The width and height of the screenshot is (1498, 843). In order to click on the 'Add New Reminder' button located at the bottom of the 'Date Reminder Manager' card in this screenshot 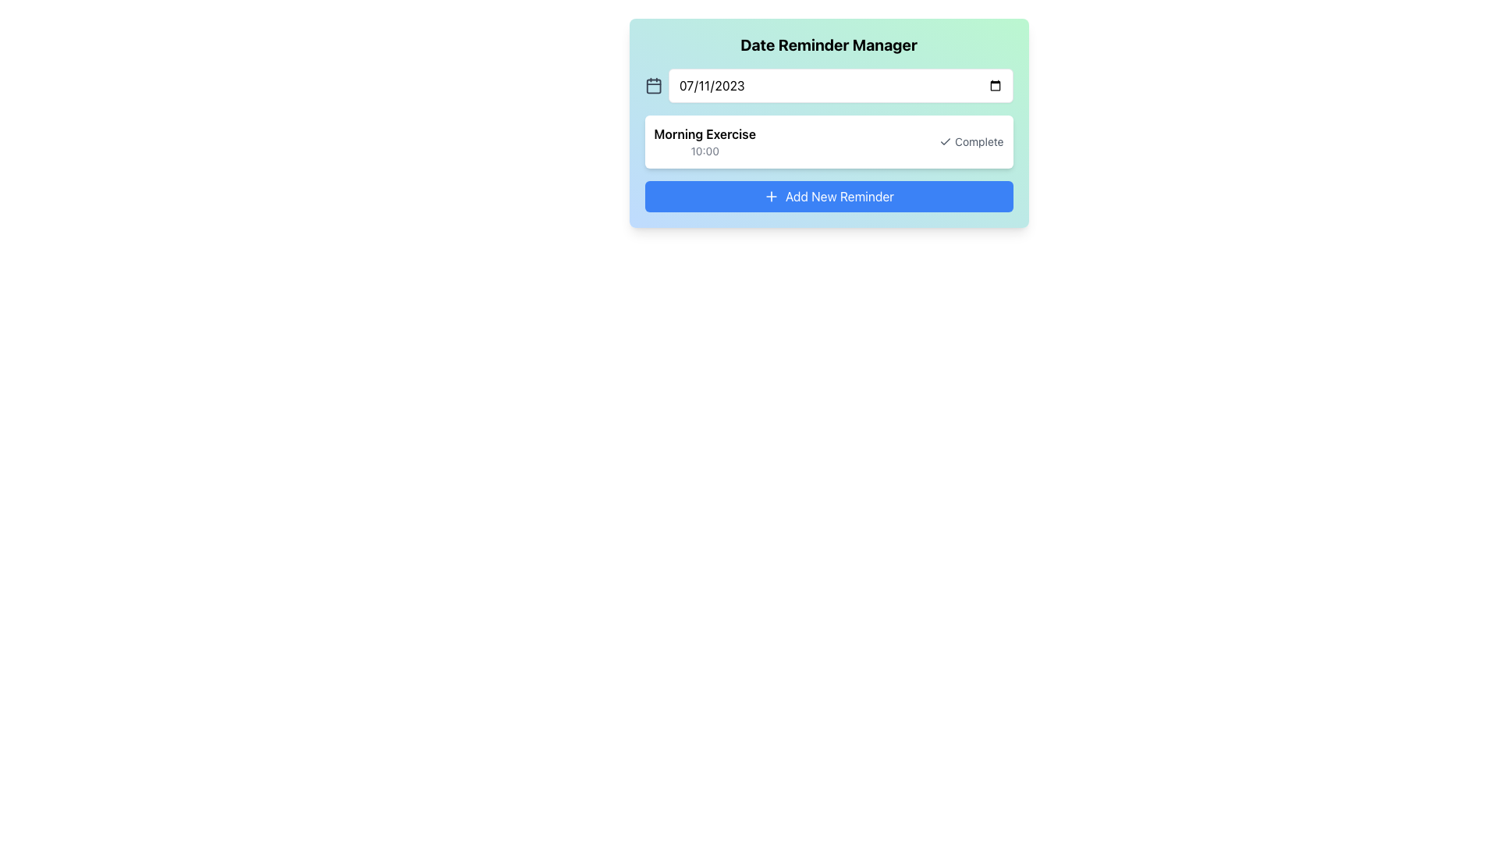, I will do `click(828, 195)`.